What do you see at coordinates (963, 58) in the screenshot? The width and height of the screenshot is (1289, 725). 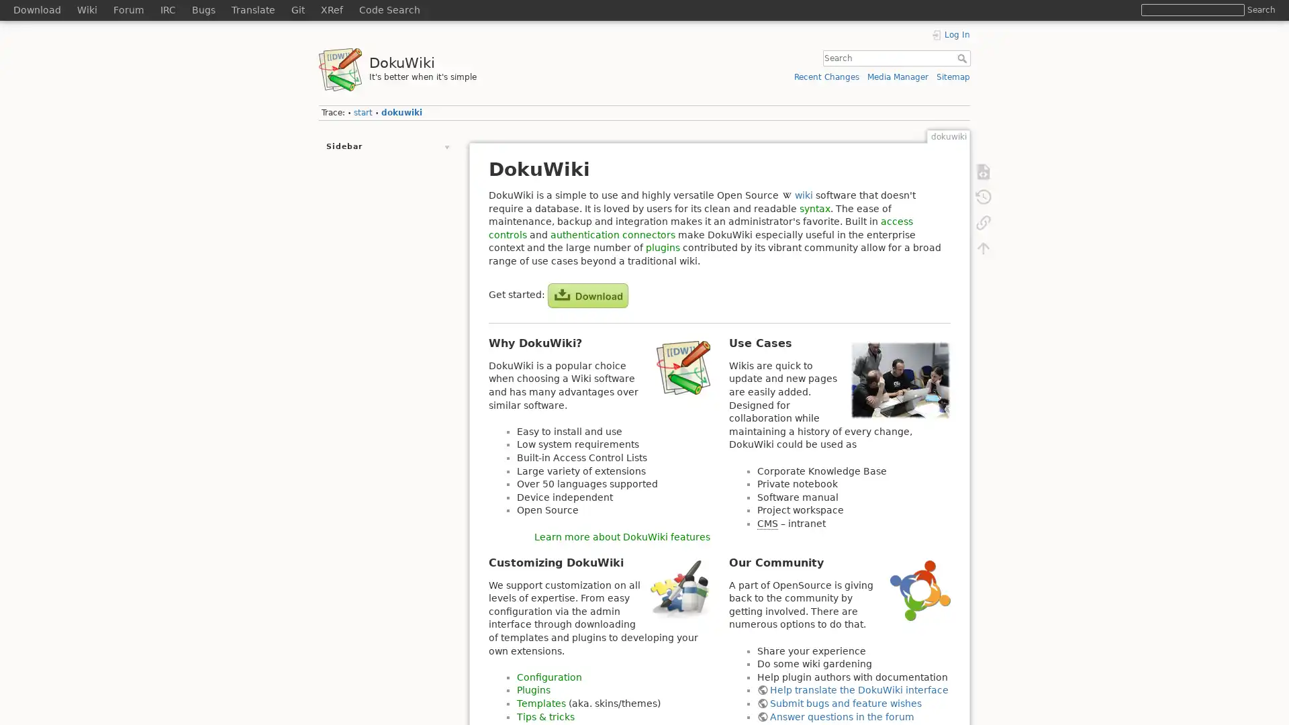 I see `Search` at bounding box center [963, 58].